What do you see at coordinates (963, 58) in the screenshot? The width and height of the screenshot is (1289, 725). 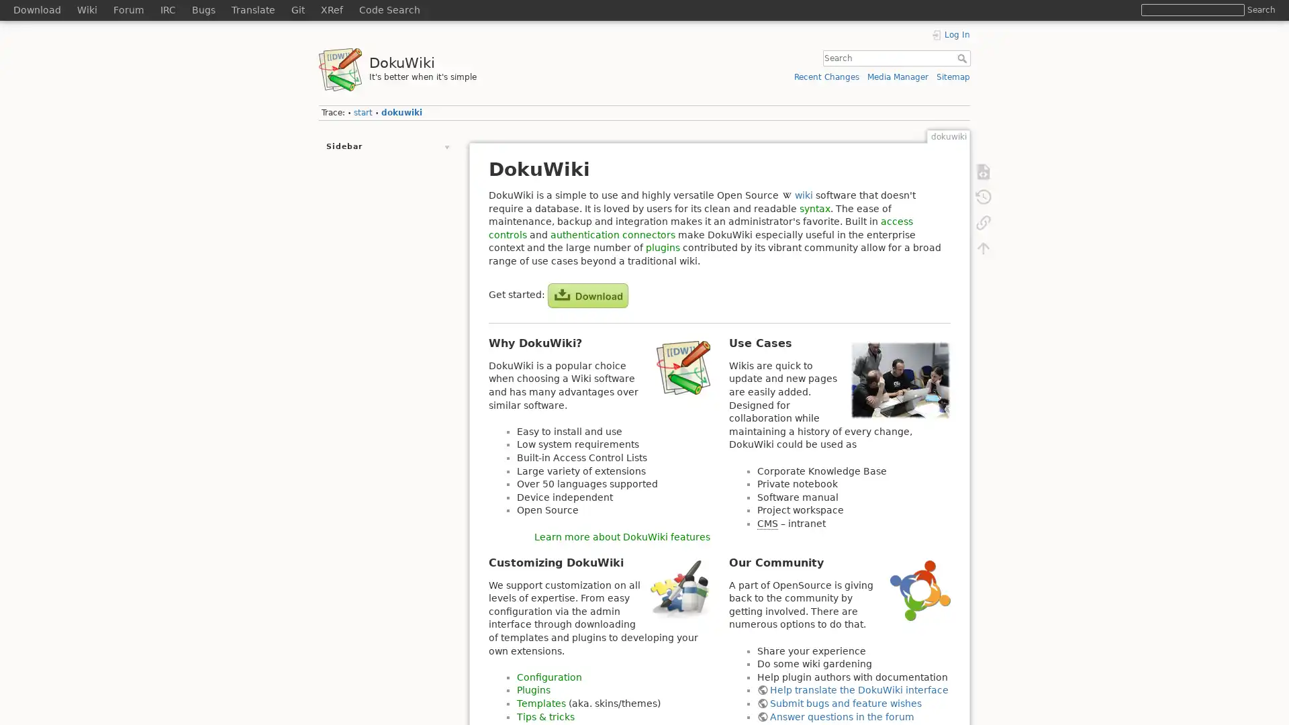 I see `Search` at bounding box center [963, 58].